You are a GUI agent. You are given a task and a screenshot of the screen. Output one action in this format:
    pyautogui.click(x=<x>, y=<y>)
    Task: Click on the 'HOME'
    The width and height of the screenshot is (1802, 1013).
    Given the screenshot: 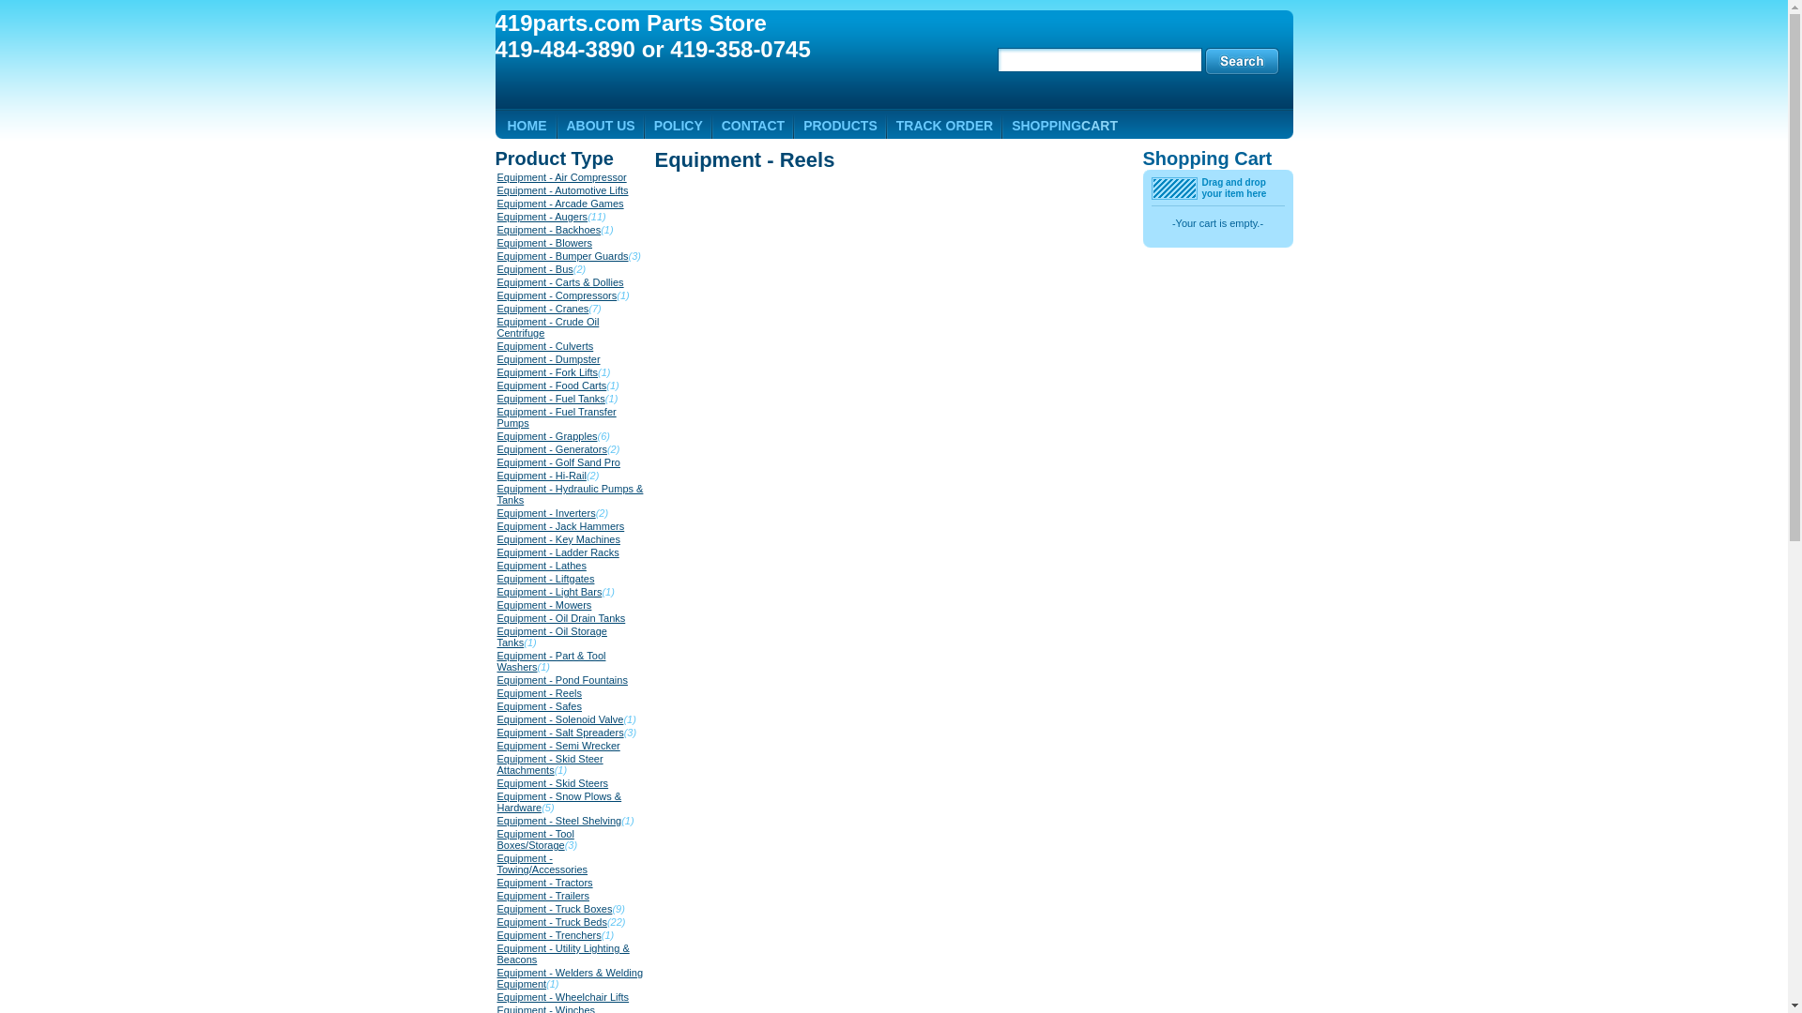 What is the action you would take?
    pyautogui.click(x=526, y=126)
    